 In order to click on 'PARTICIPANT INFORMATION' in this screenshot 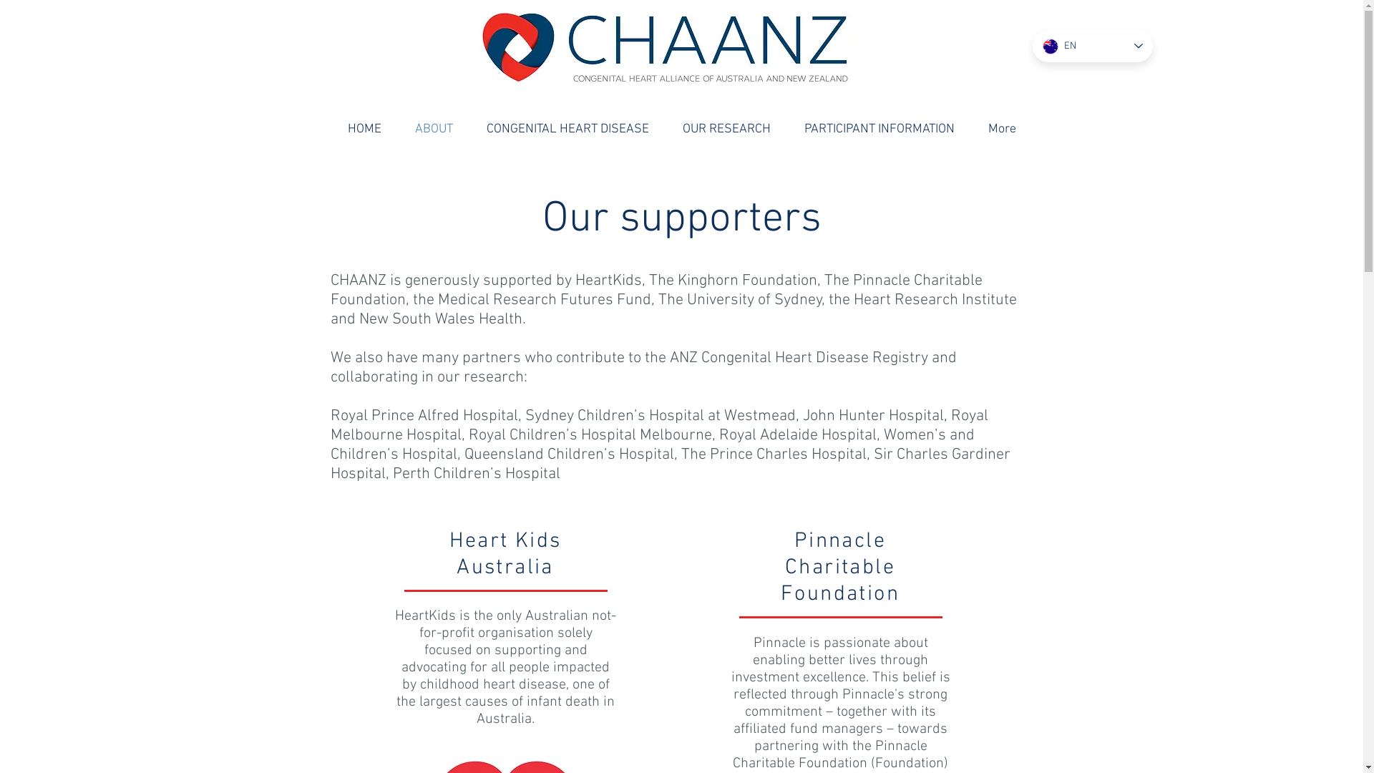, I will do `click(786, 126)`.